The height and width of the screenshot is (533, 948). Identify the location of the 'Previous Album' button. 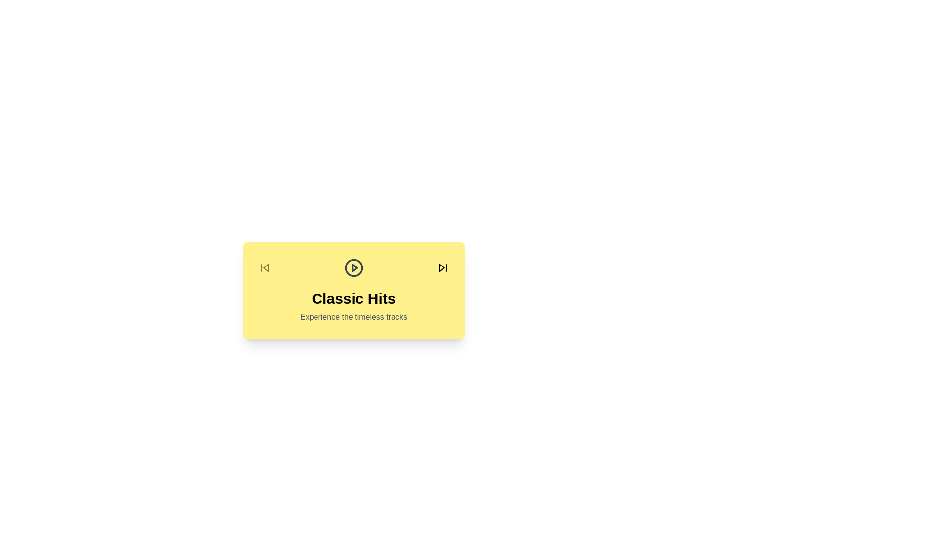
(265, 268).